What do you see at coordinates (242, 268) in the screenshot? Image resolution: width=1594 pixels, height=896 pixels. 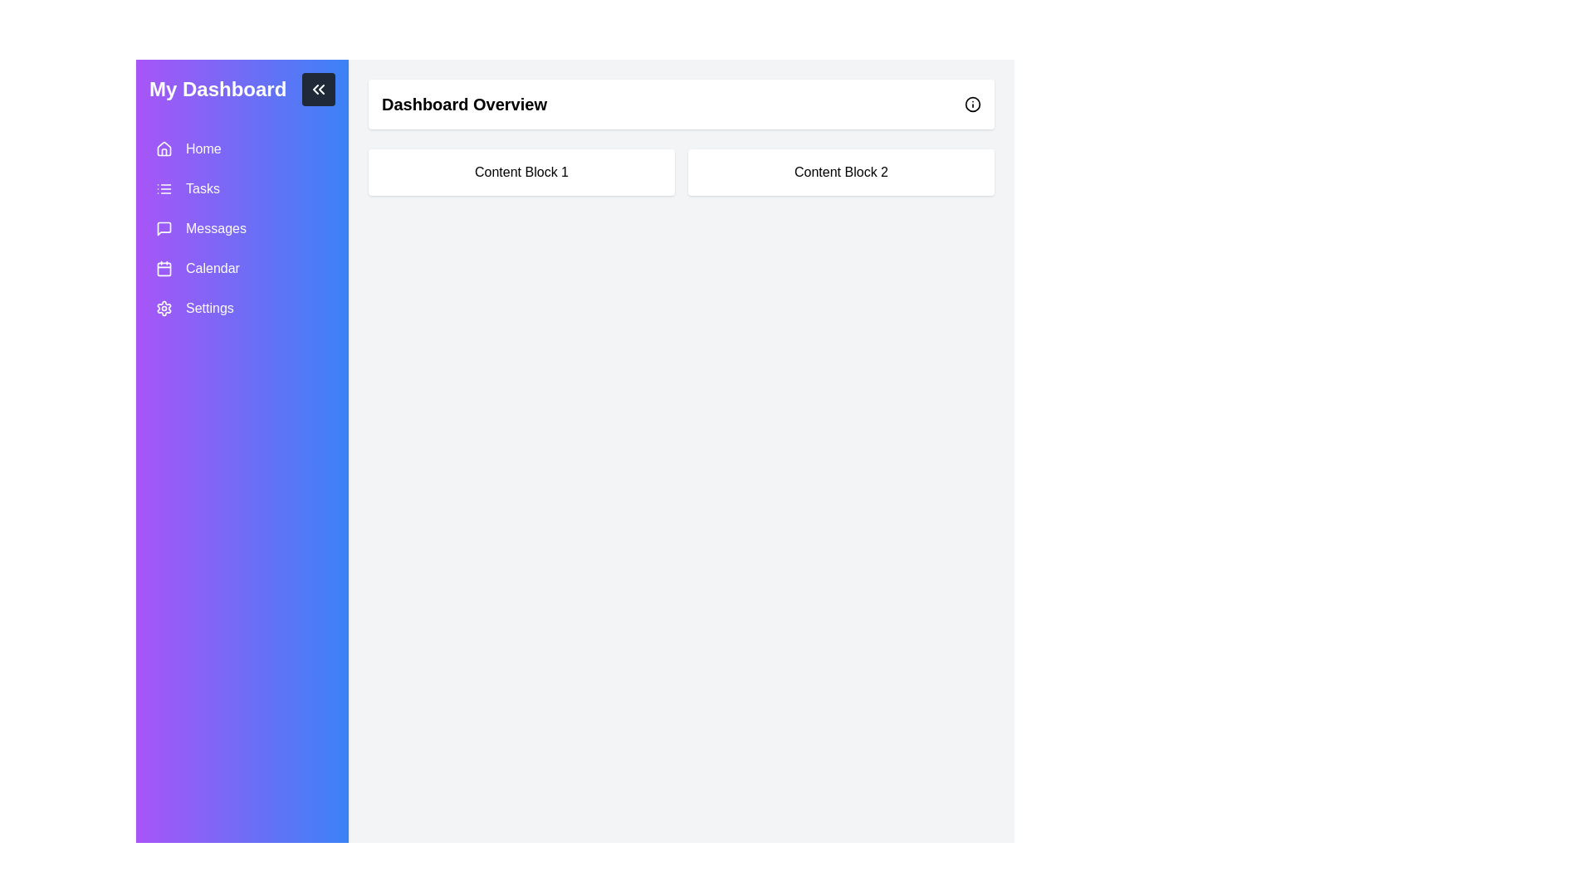 I see `the Navigation link, which is the fourth item in the vertical list of navigation options in the left sidebar` at bounding box center [242, 268].